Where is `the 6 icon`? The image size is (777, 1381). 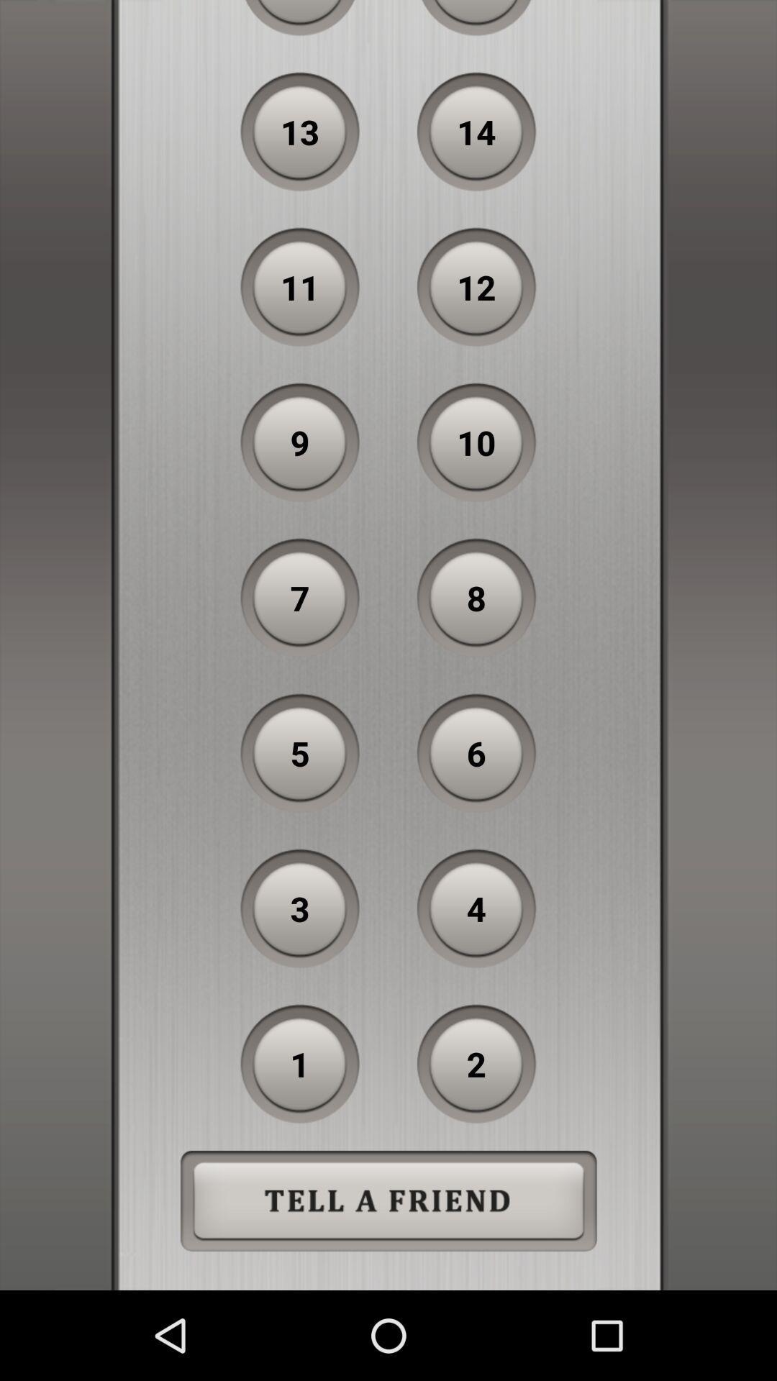 the 6 icon is located at coordinates (476, 752).